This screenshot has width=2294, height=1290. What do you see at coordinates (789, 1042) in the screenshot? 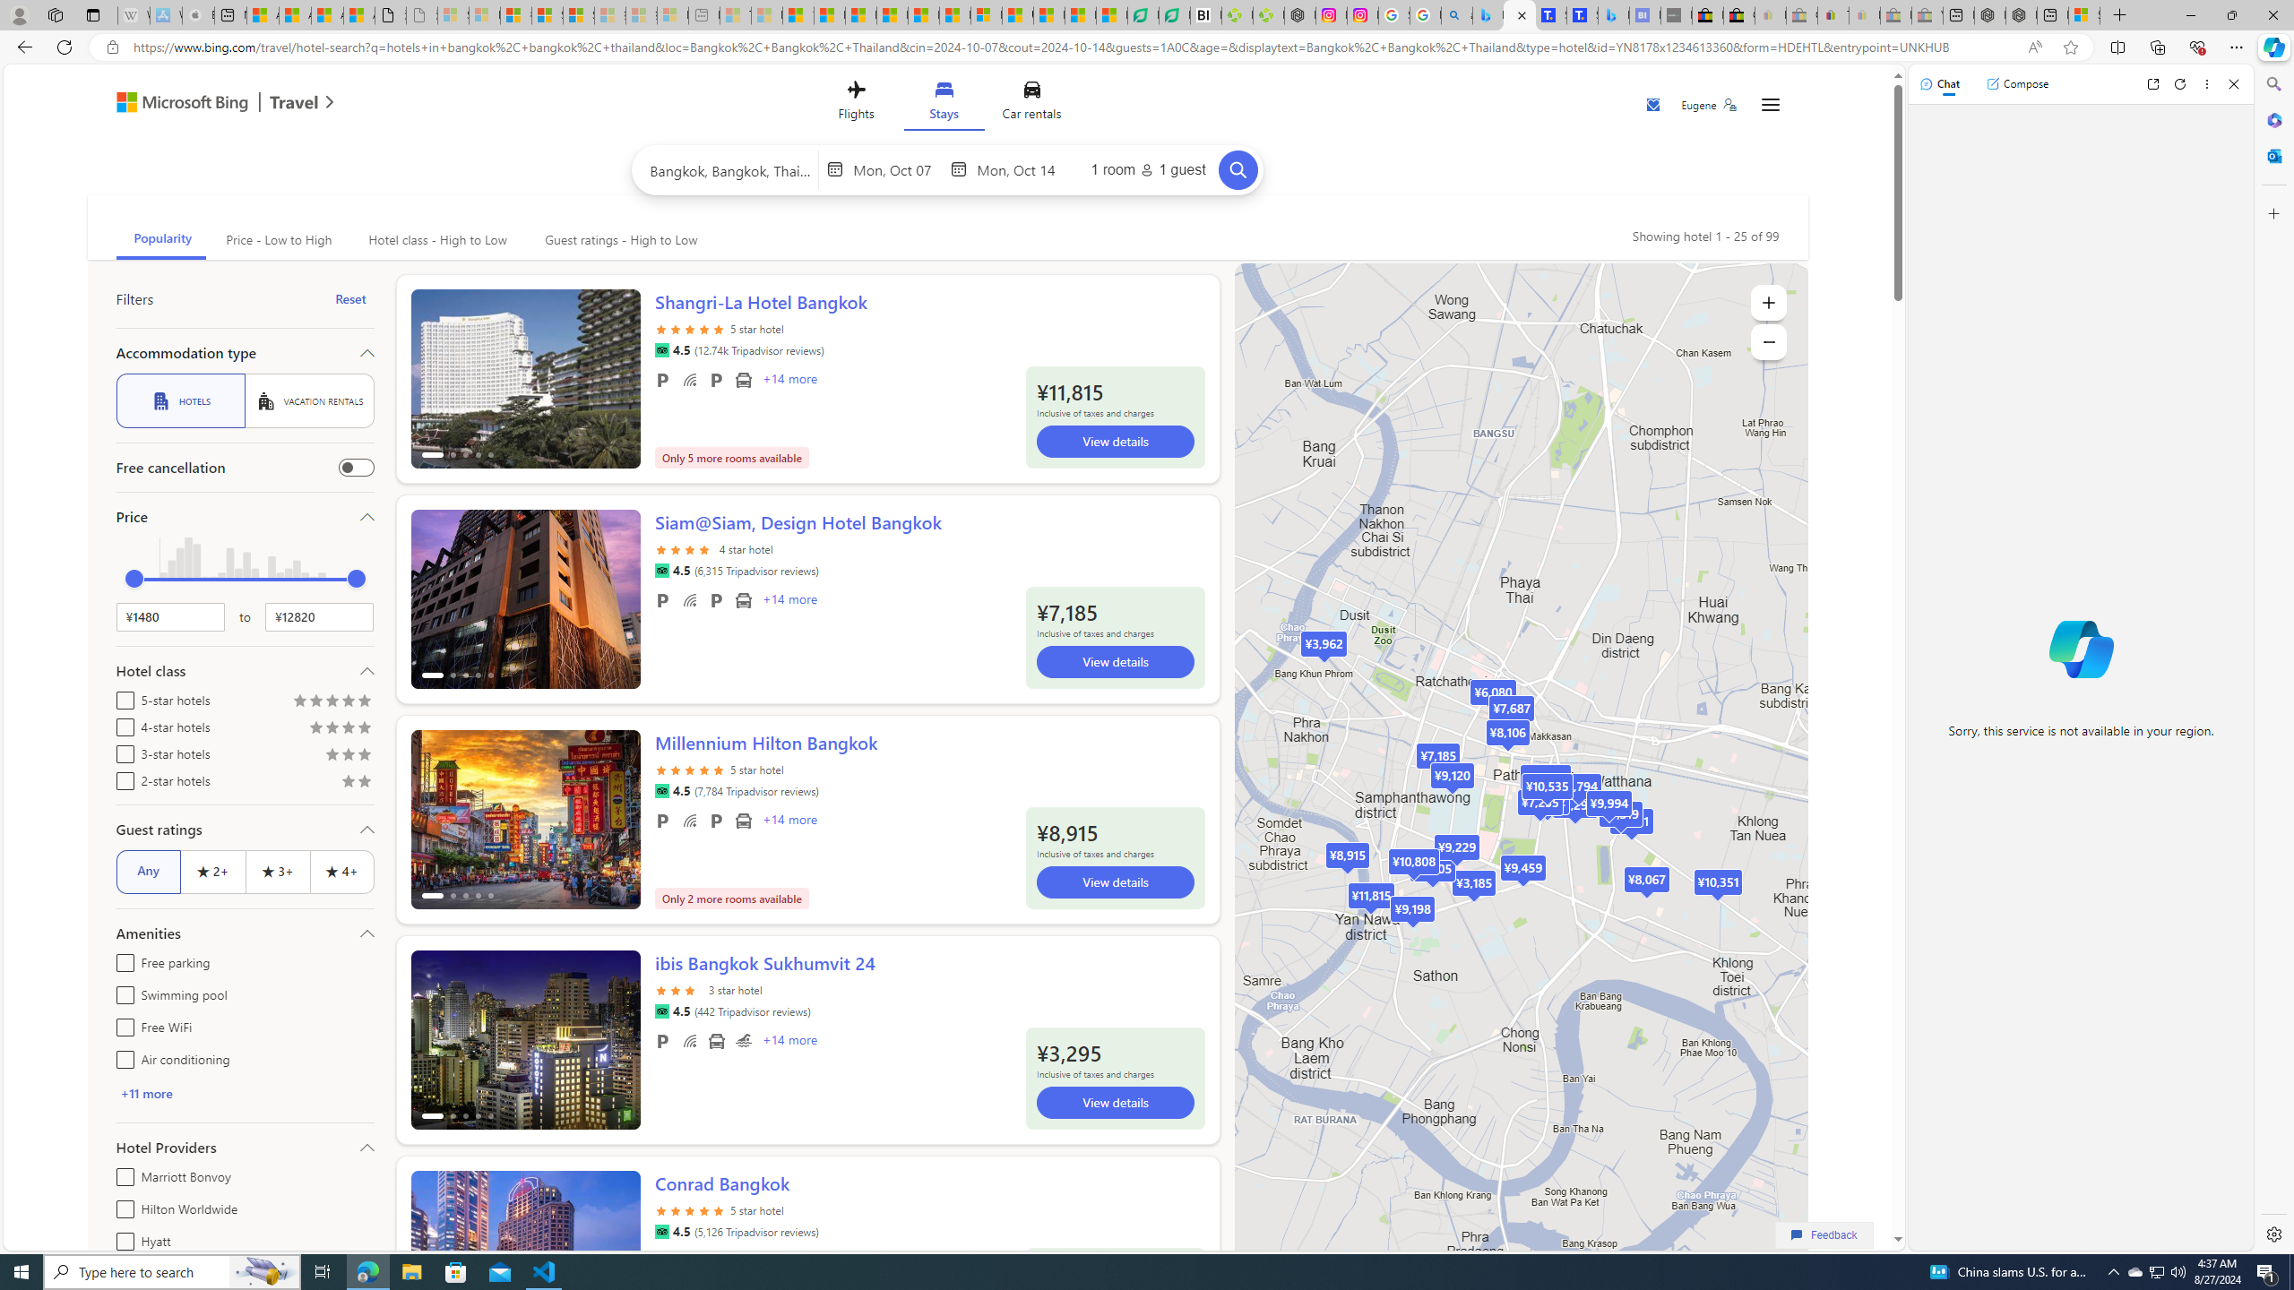
I see `'+14 More Amenities'` at bounding box center [789, 1042].